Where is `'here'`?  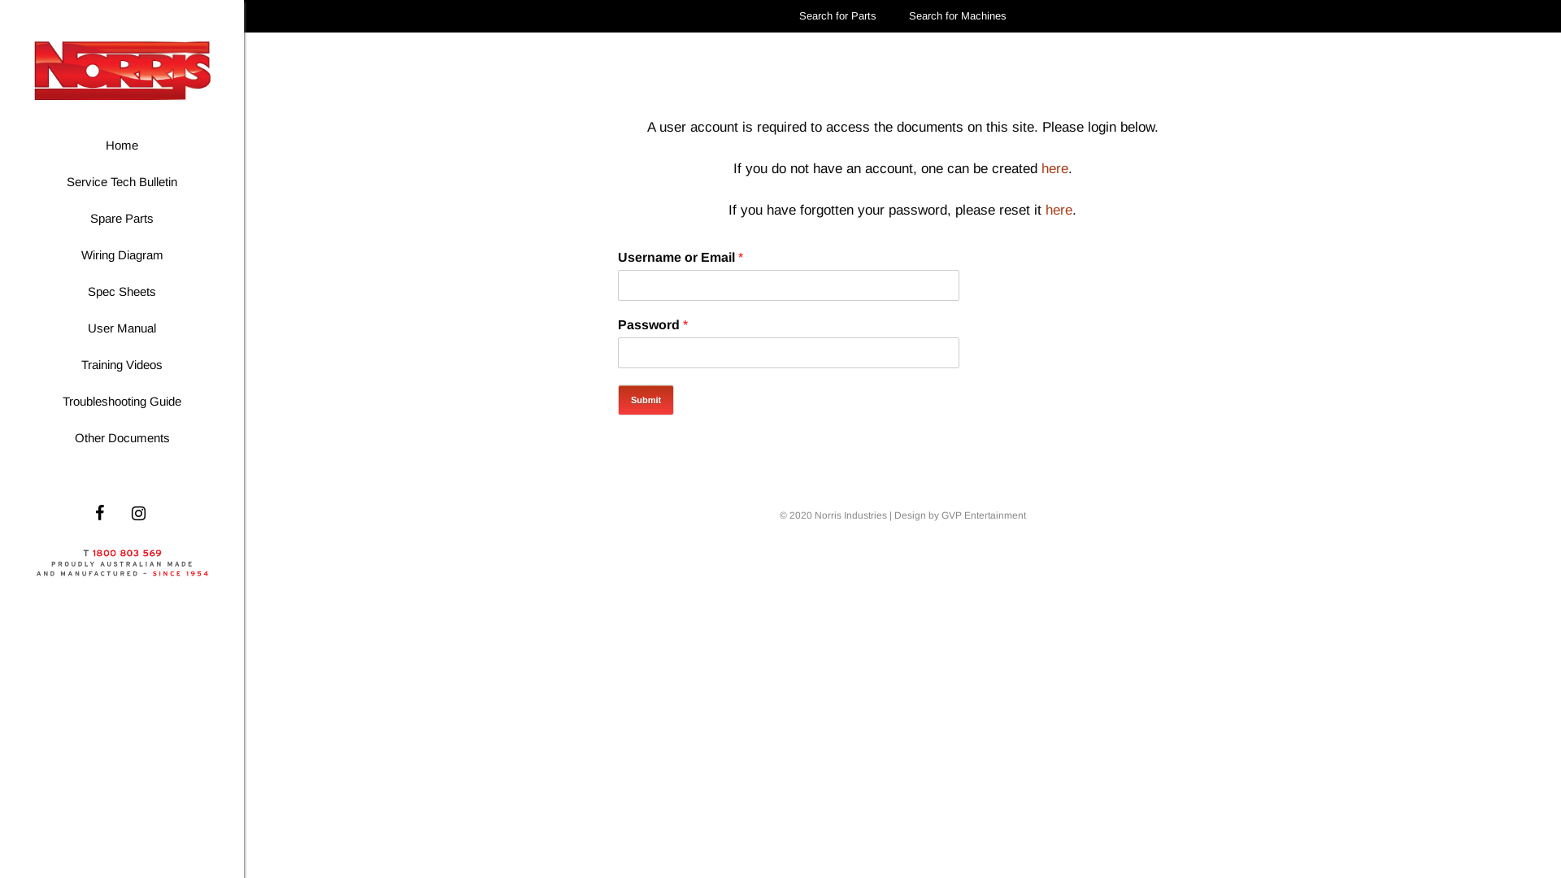 'here' is located at coordinates (1054, 168).